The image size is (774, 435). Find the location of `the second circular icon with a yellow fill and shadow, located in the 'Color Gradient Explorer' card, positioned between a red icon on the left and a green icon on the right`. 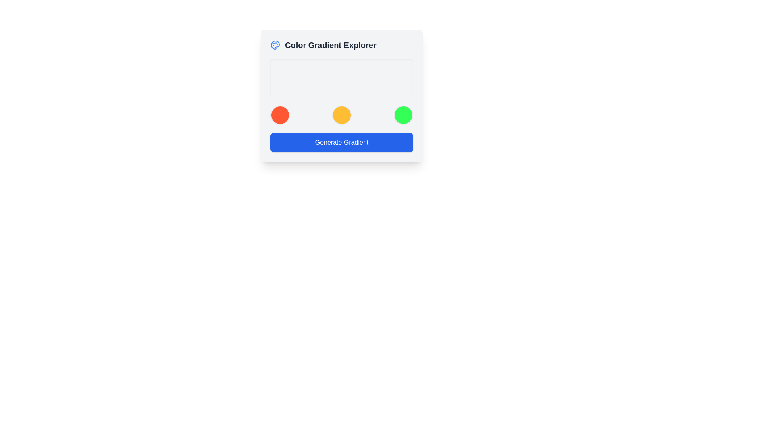

the second circular icon with a yellow fill and shadow, located in the 'Color Gradient Explorer' card, positioned between a red icon on the left and a green icon on the right is located at coordinates (342, 115).